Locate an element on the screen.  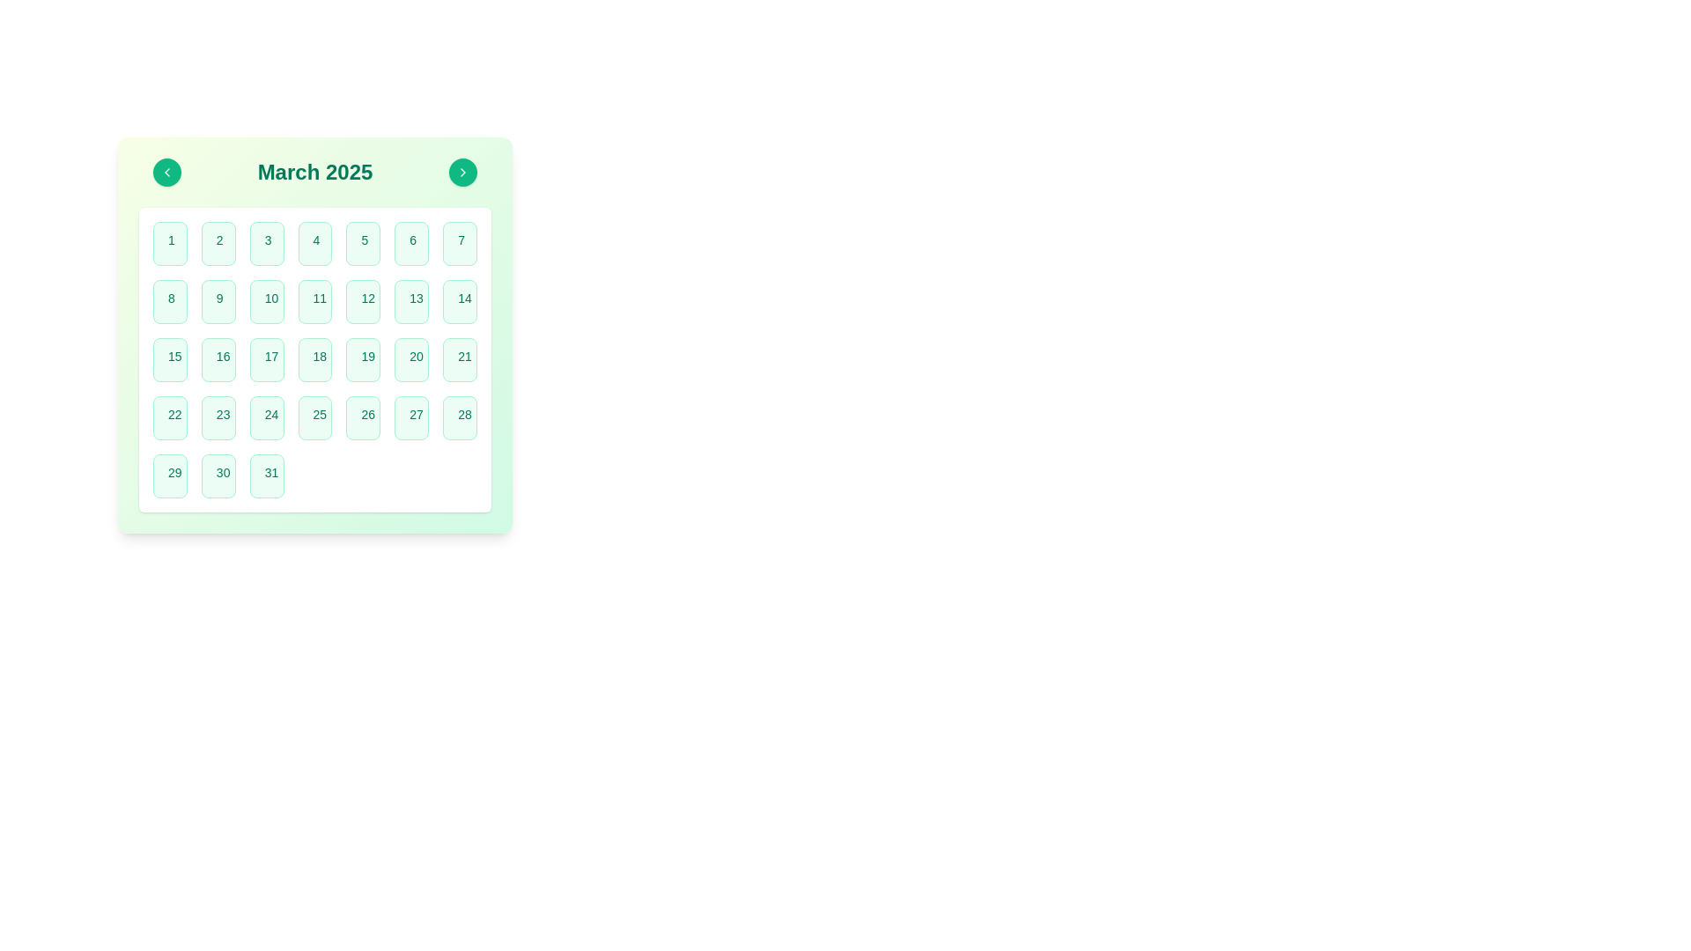
the Date cell in the calendar component that displays the number '26' in a medium-sized green font is located at coordinates (362, 417).